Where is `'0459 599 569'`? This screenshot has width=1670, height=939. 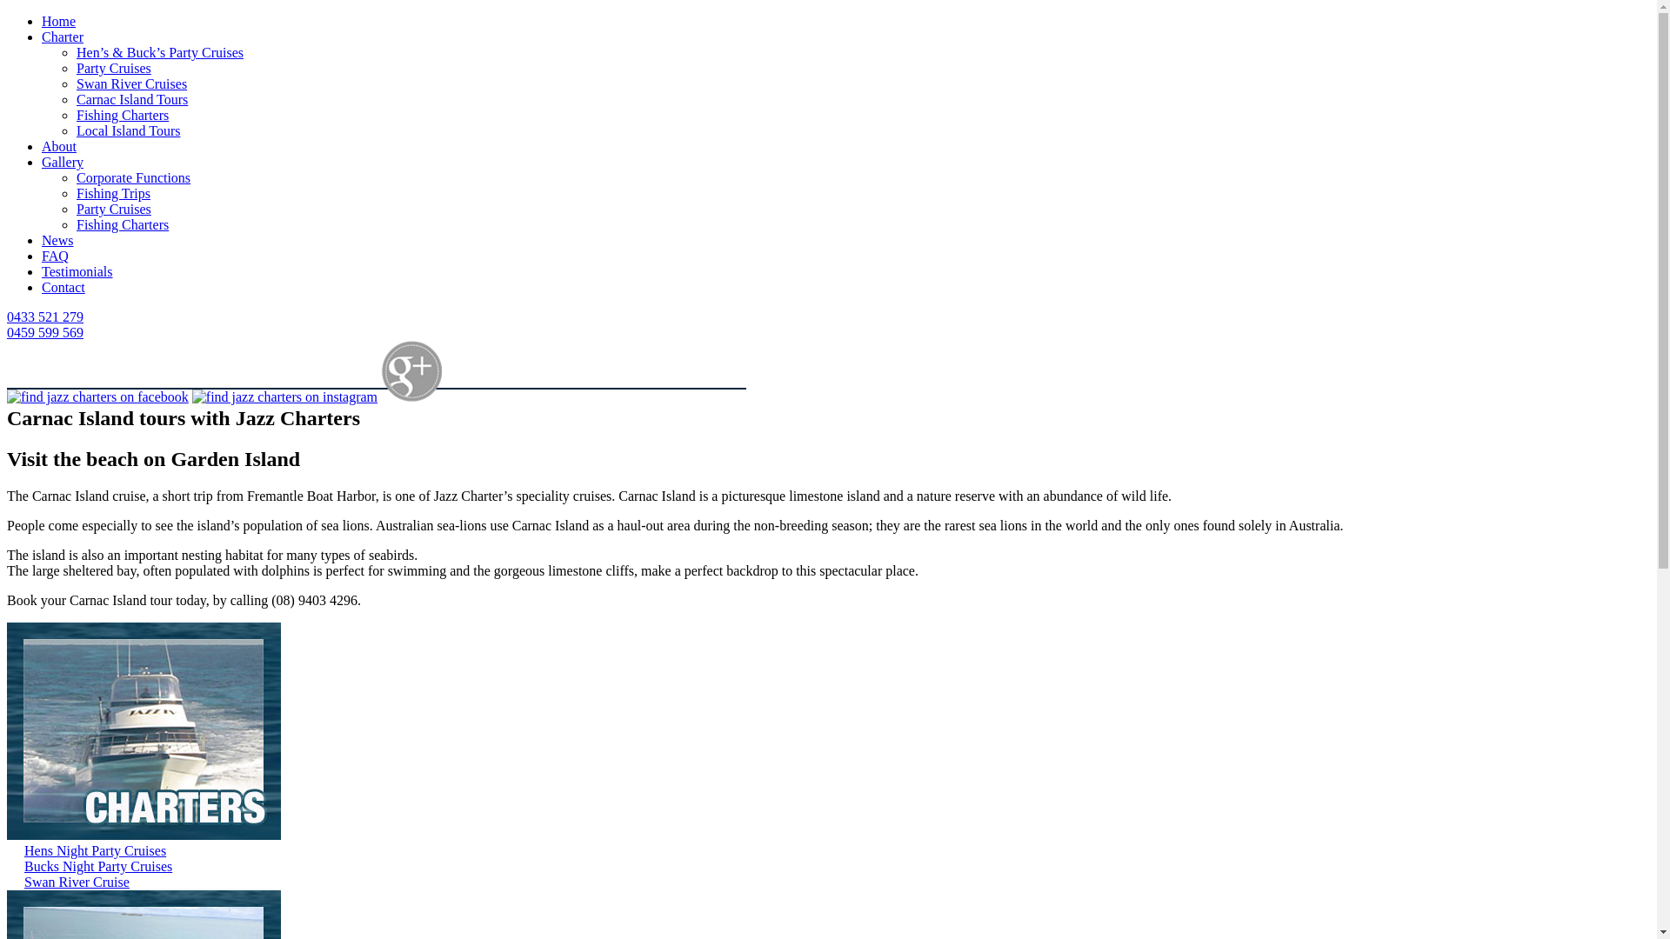
'0459 599 569' is located at coordinates (45, 332).